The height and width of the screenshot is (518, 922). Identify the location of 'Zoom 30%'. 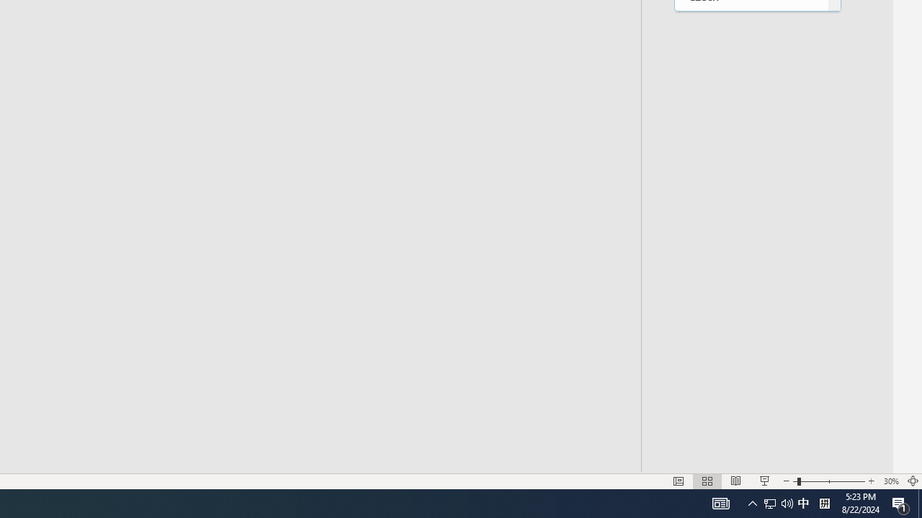
(890, 481).